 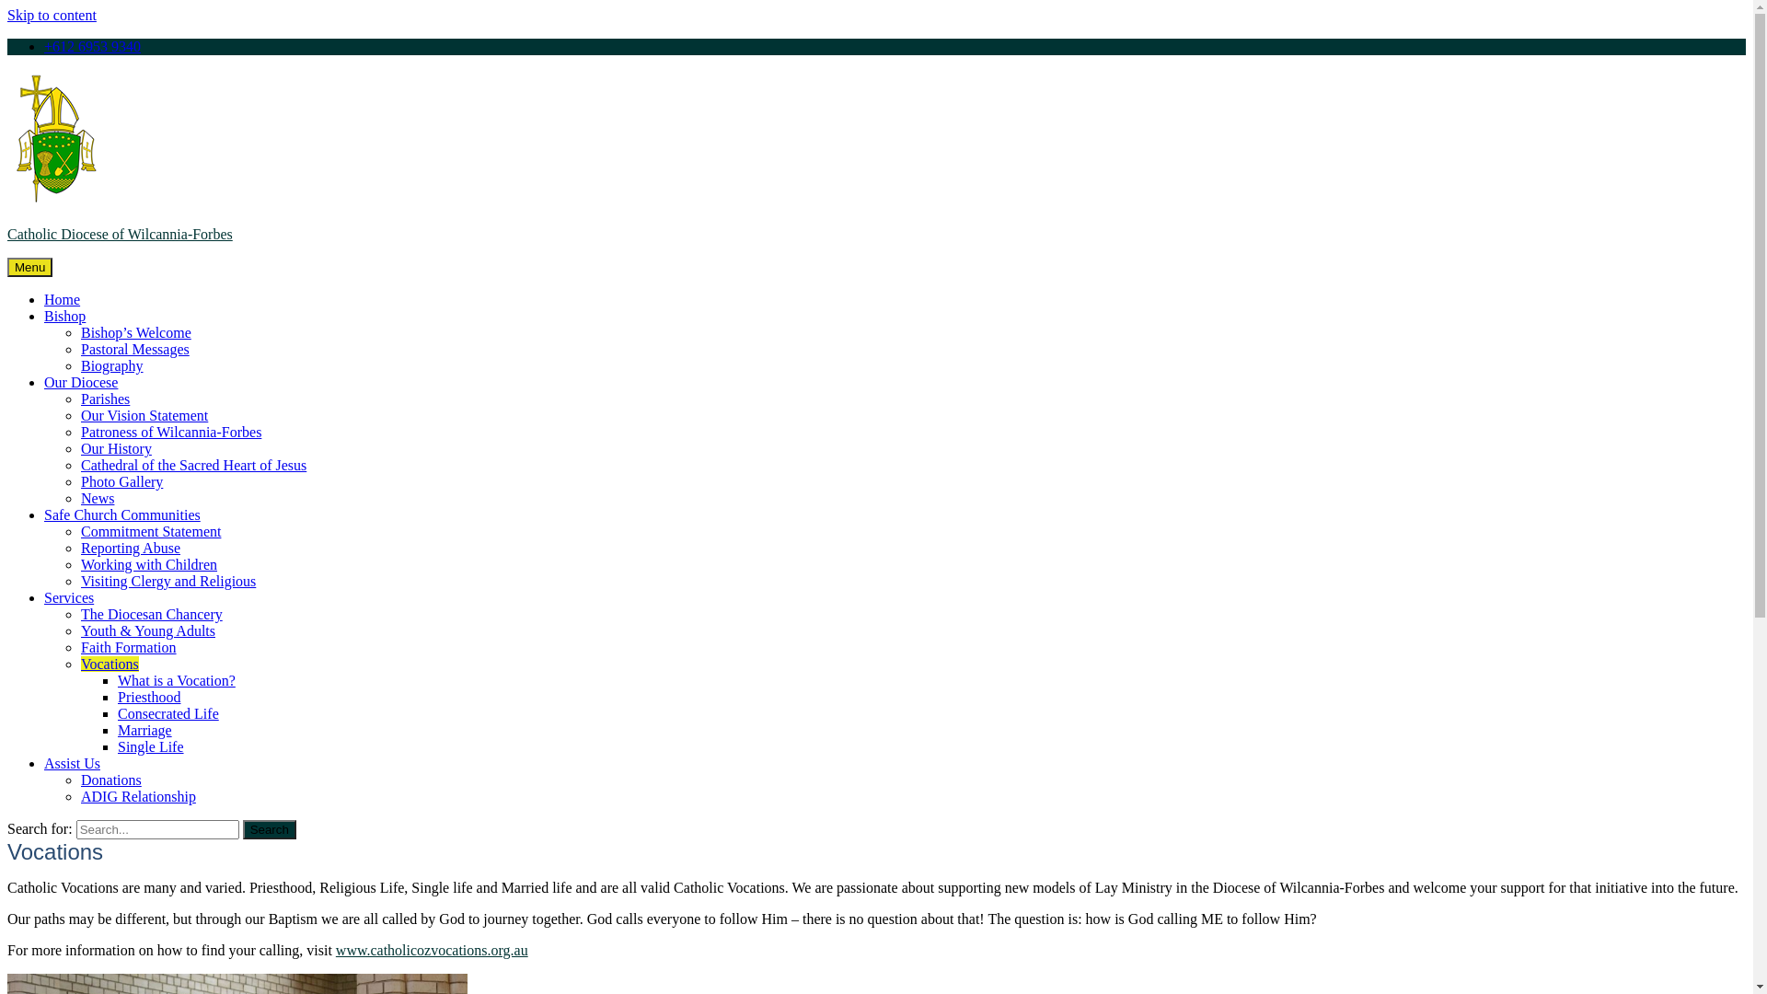 What do you see at coordinates (29, 267) in the screenshot?
I see `'Menu'` at bounding box center [29, 267].